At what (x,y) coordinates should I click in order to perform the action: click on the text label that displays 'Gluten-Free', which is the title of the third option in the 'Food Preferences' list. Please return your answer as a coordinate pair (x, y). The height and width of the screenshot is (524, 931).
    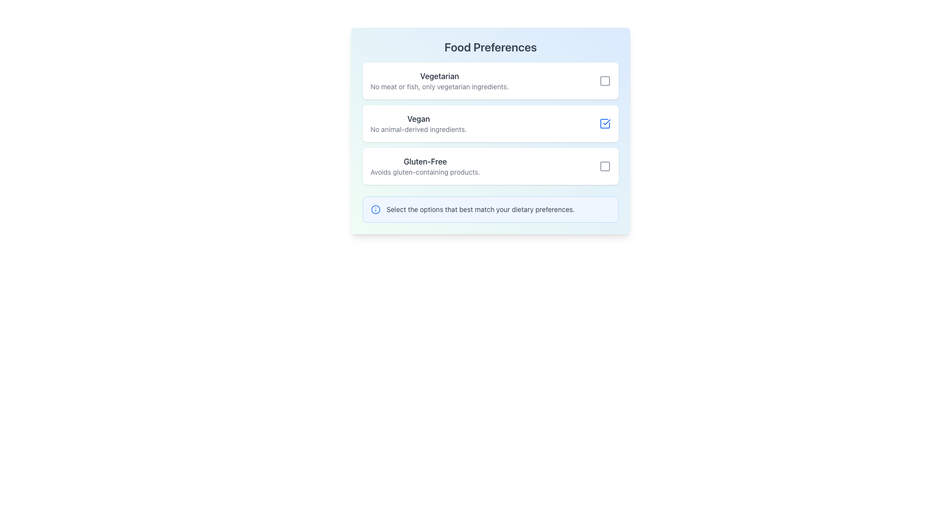
    Looking at the image, I should click on (425, 161).